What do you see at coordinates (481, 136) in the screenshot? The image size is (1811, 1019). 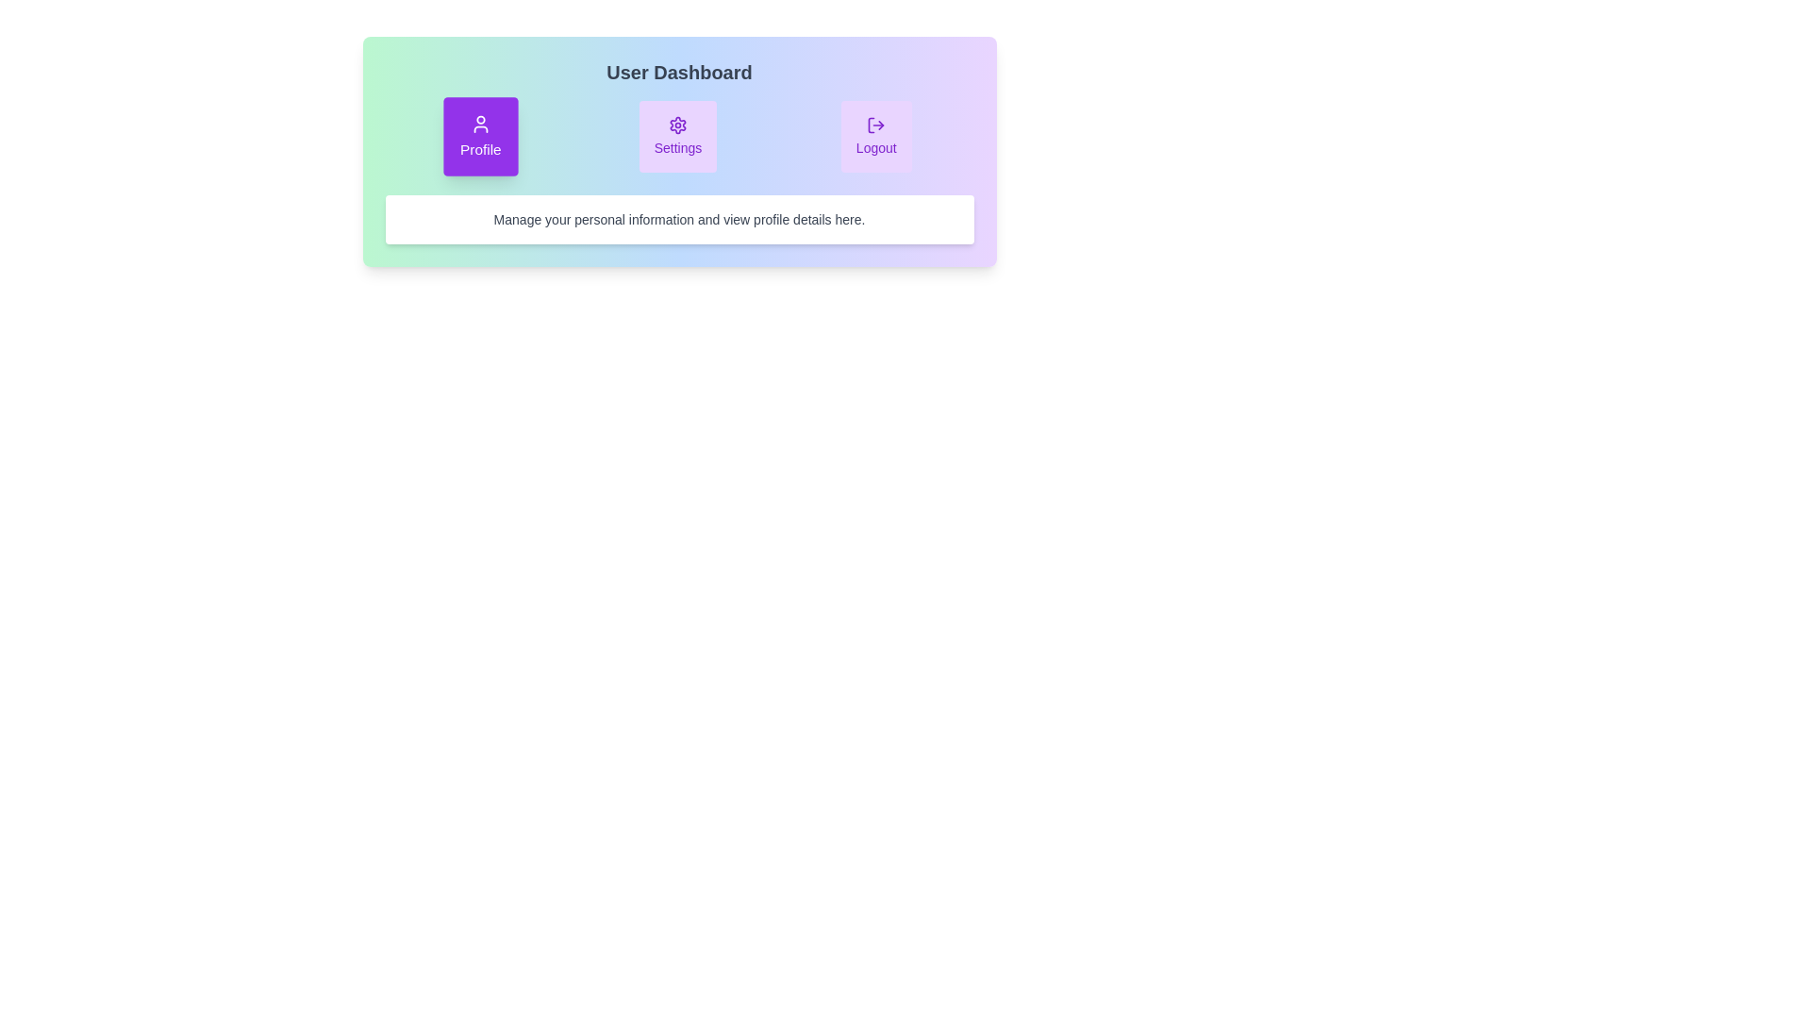 I see `the 'Profile' tab to select it` at bounding box center [481, 136].